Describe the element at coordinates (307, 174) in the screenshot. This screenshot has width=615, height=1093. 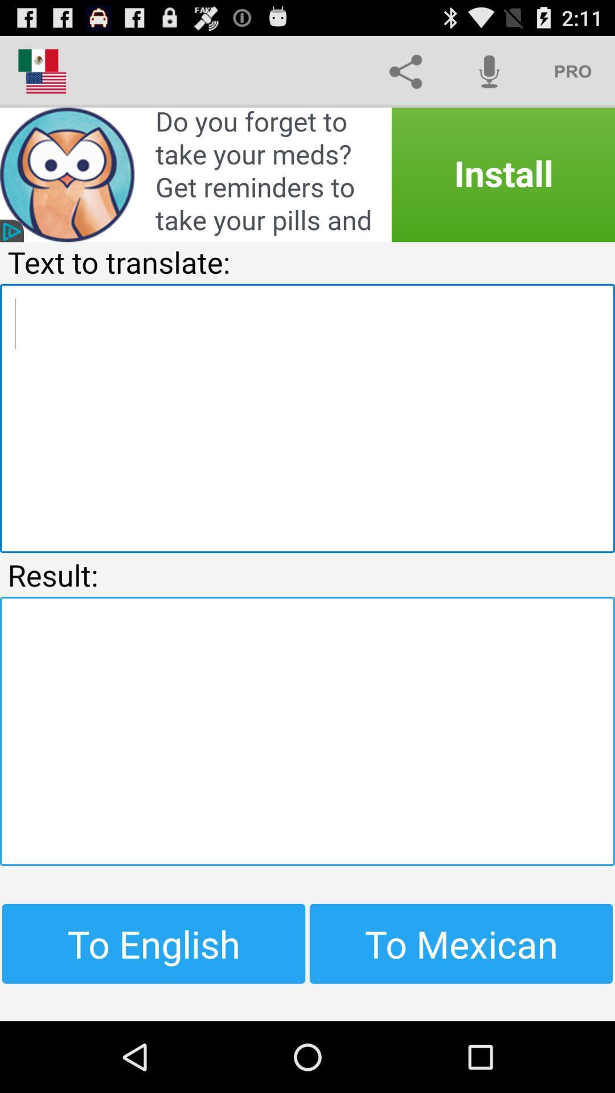
I see `item above text to translate: item` at that location.